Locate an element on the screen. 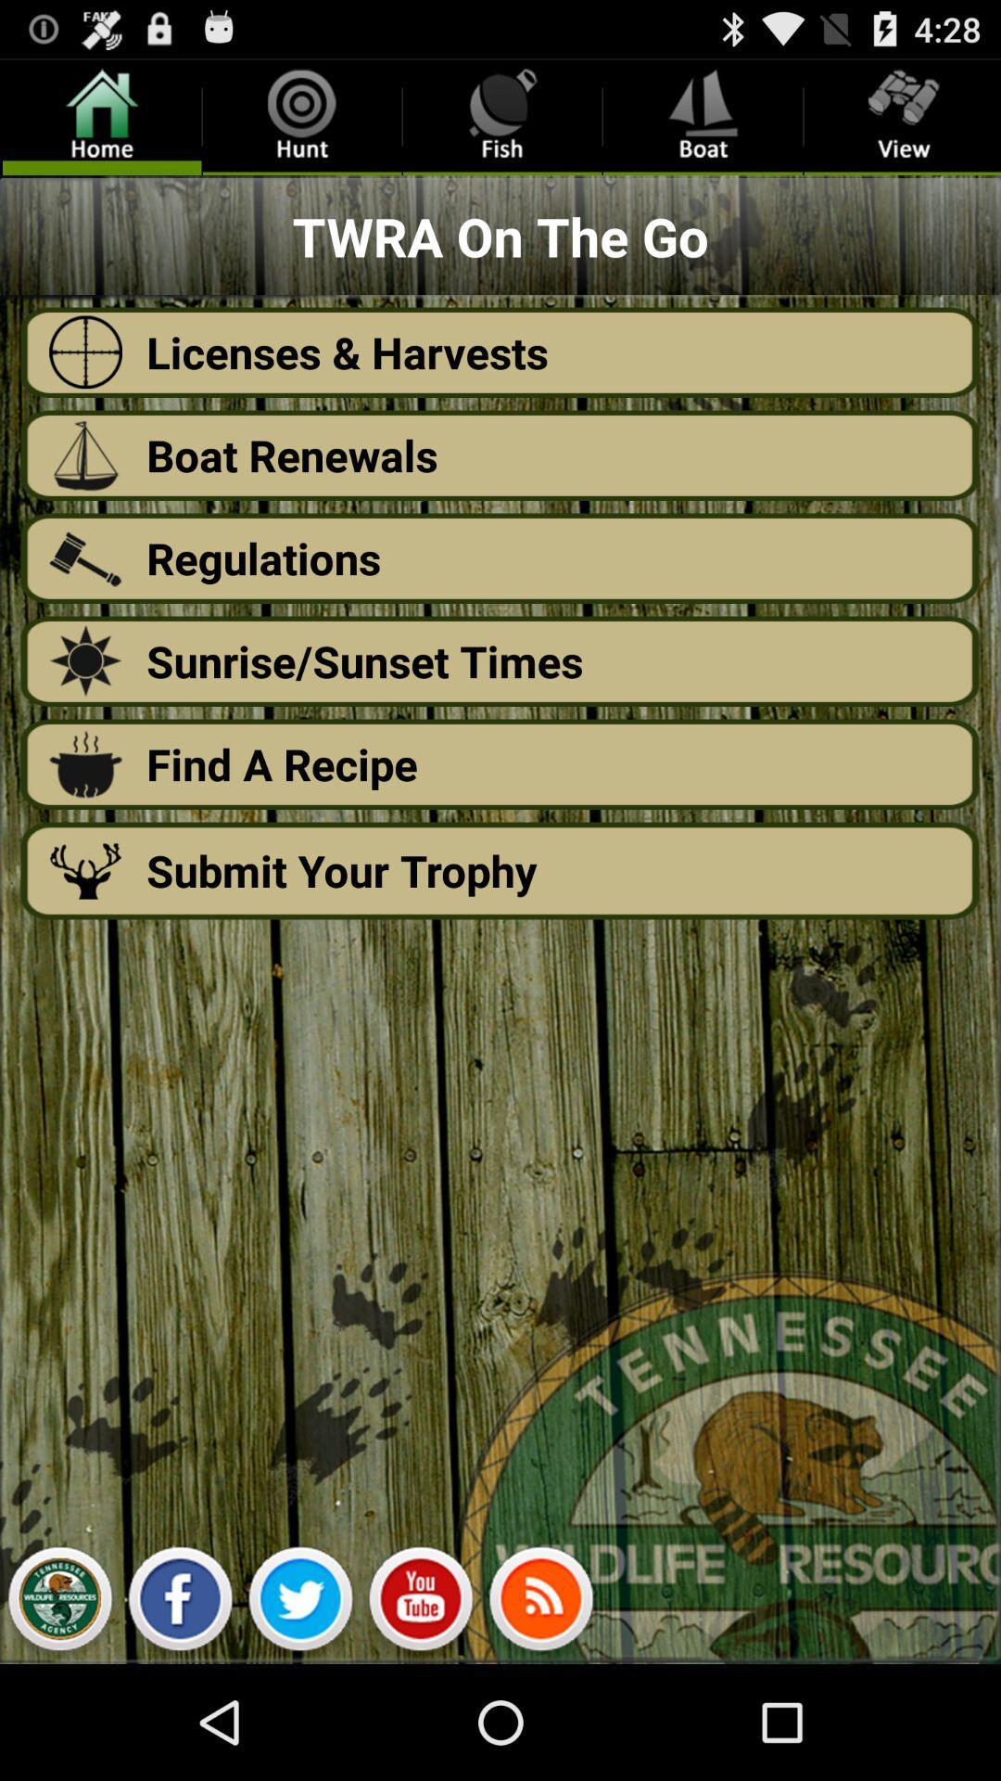  youtube page is located at coordinates (421, 1603).